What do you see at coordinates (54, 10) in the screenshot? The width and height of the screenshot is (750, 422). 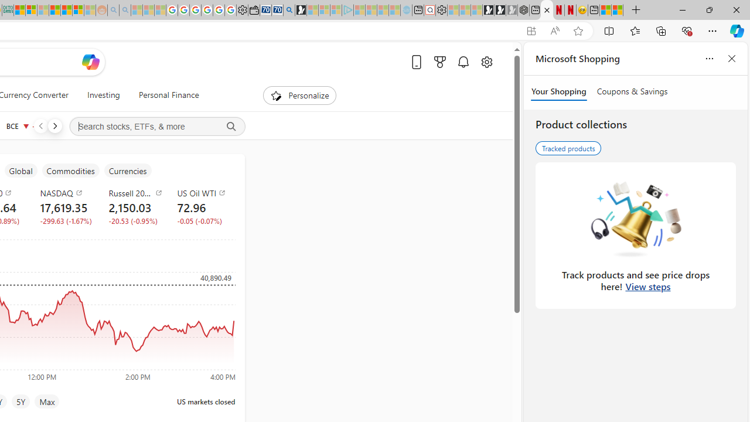 I see `'Expert Portfolios'` at bounding box center [54, 10].